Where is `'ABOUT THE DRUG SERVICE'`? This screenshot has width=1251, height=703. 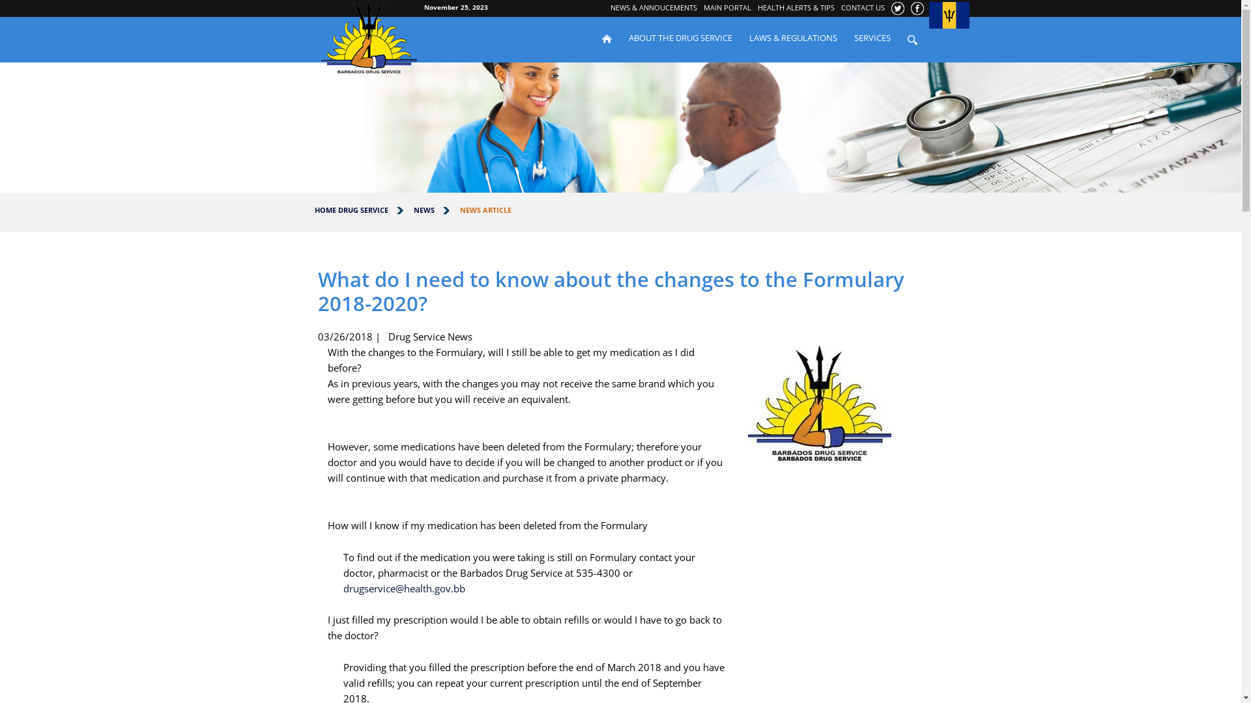
'ABOUT THE DRUG SERVICE' is located at coordinates (680, 36).